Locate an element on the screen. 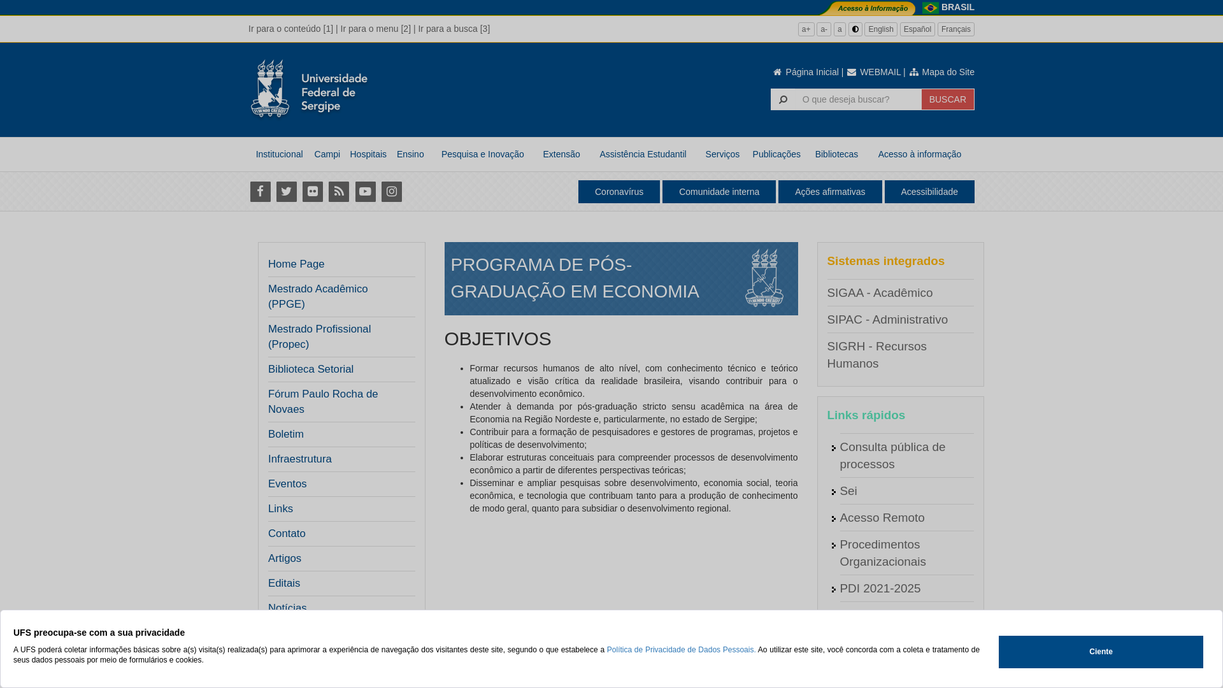 The width and height of the screenshot is (1223, 688). 'Boletim' is located at coordinates (285, 434).